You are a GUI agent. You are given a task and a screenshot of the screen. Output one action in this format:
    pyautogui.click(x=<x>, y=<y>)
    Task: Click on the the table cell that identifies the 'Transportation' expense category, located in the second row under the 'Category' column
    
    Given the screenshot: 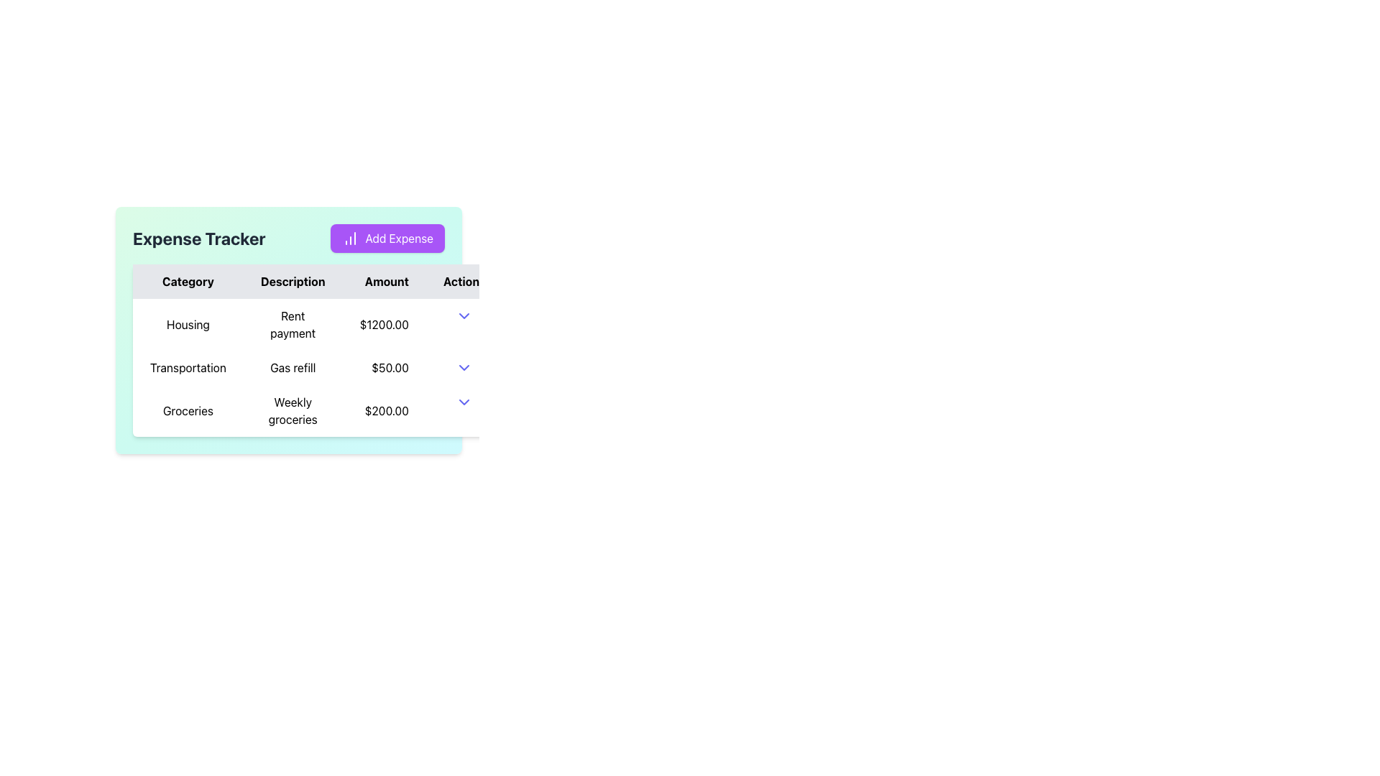 What is the action you would take?
    pyautogui.click(x=187, y=367)
    